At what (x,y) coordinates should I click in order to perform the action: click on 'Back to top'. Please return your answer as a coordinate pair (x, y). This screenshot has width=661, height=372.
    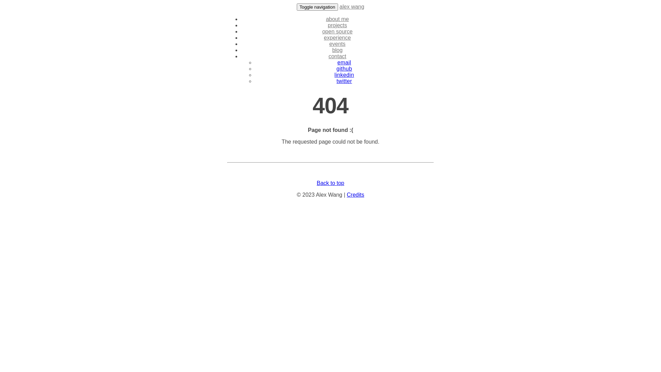
    Looking at the image, I should click on (330, 183).